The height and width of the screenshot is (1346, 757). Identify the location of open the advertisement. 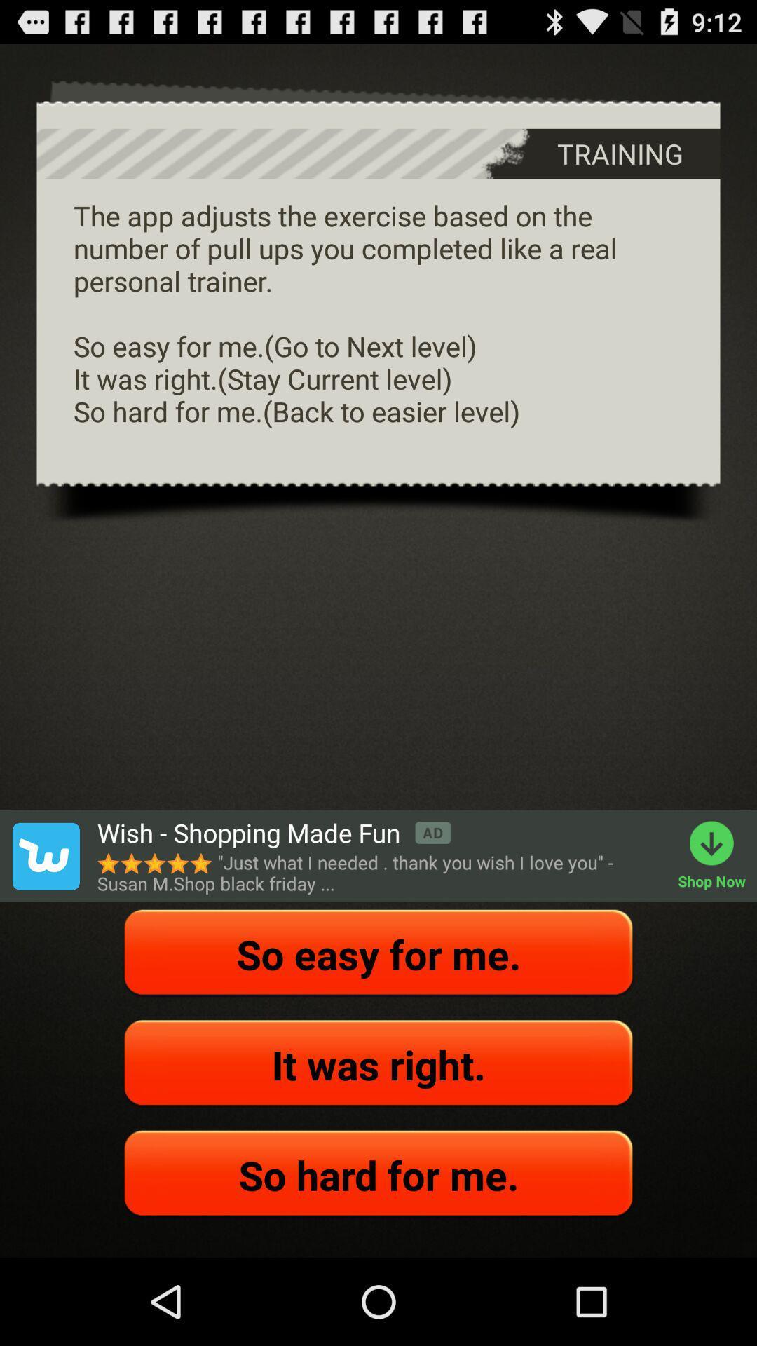
(45, 855).